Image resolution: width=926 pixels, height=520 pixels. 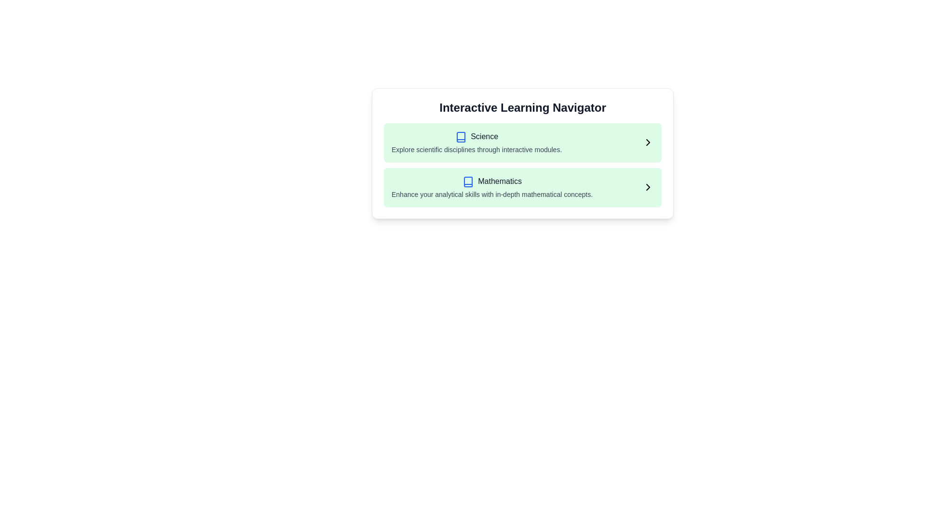 I want to click on the 'Science' topic List Item with Icon and Text, so click(x=477, y=143).